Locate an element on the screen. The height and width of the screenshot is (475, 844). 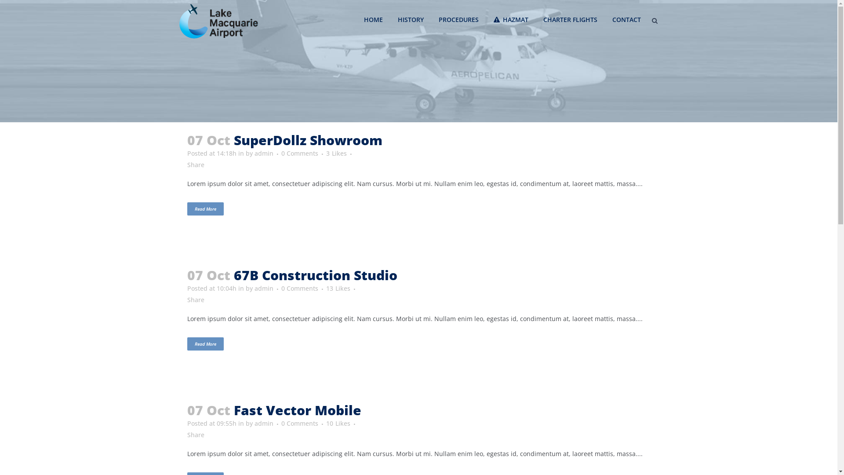
'HISTORY' is located at coordinates (410, 20).